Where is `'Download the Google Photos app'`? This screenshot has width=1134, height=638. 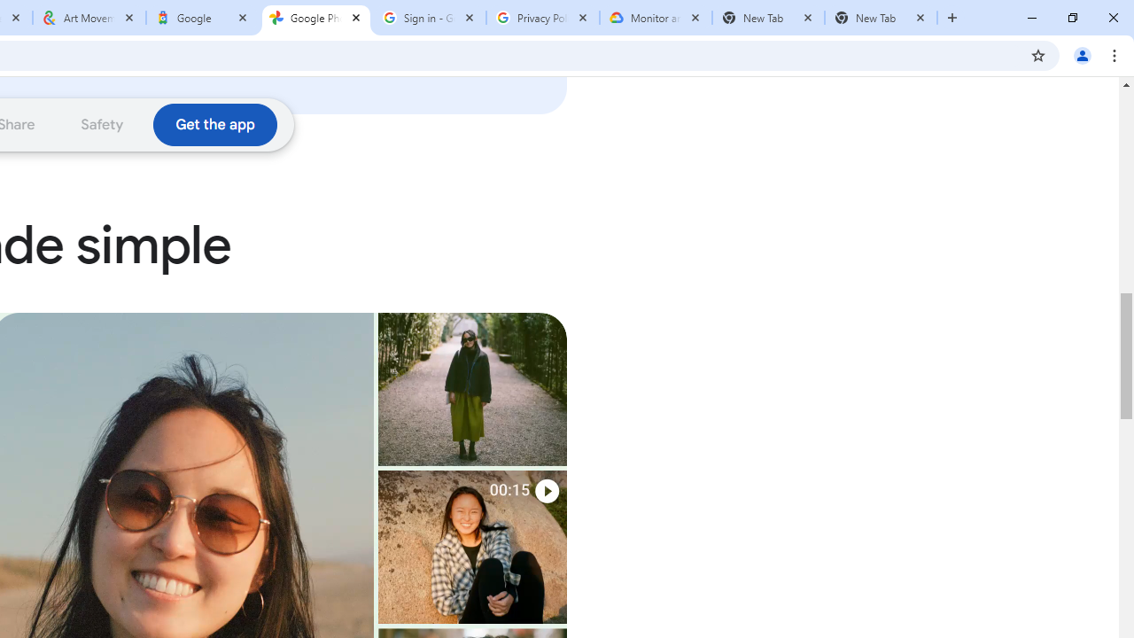 'Download the Google Photos app' is located at coordinates (214, 123).